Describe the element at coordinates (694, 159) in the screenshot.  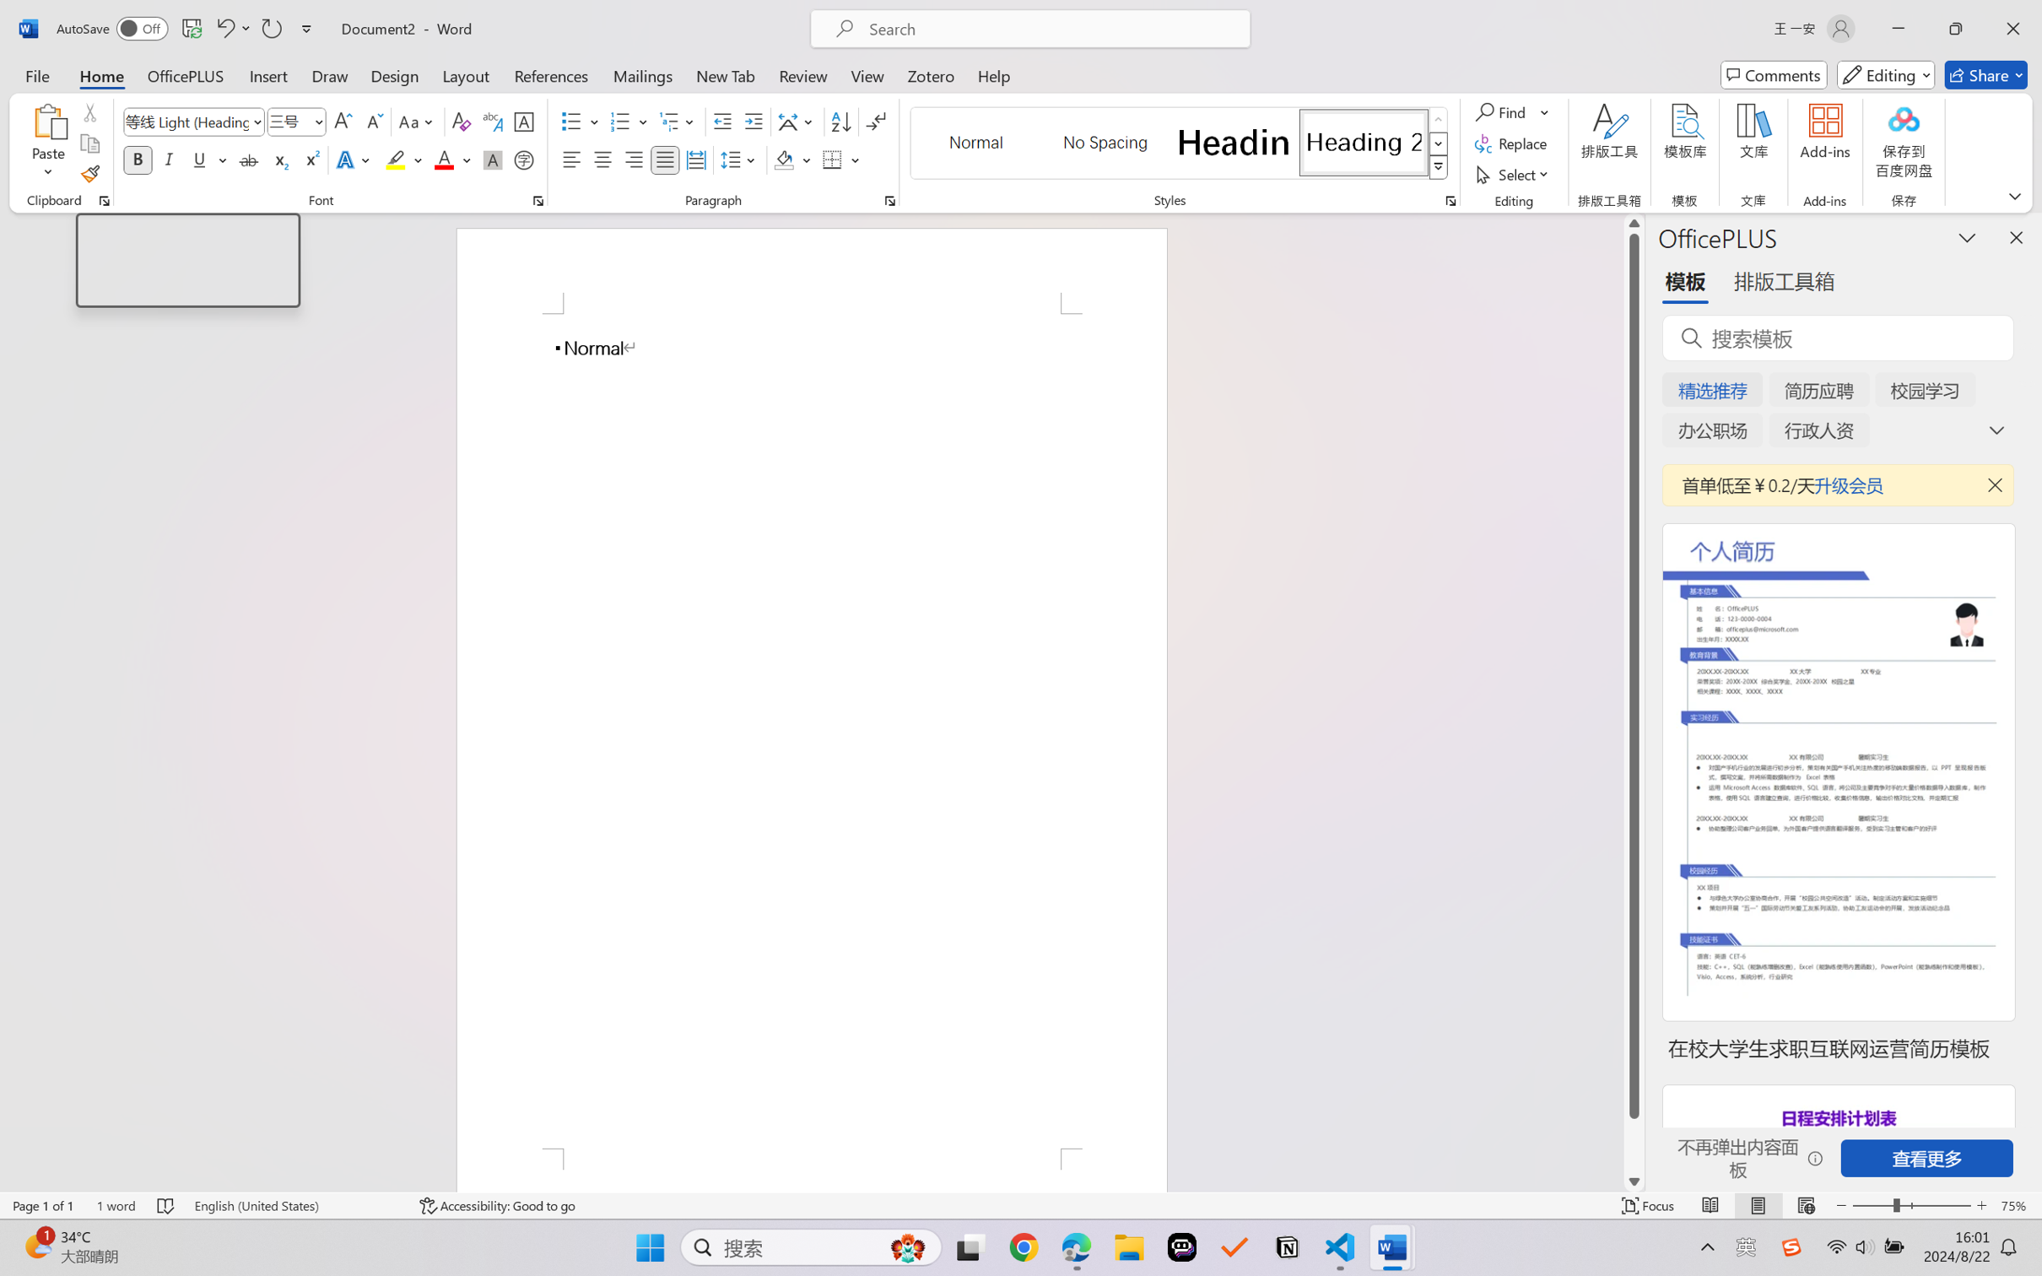
I see `'Distributed'` at that location.